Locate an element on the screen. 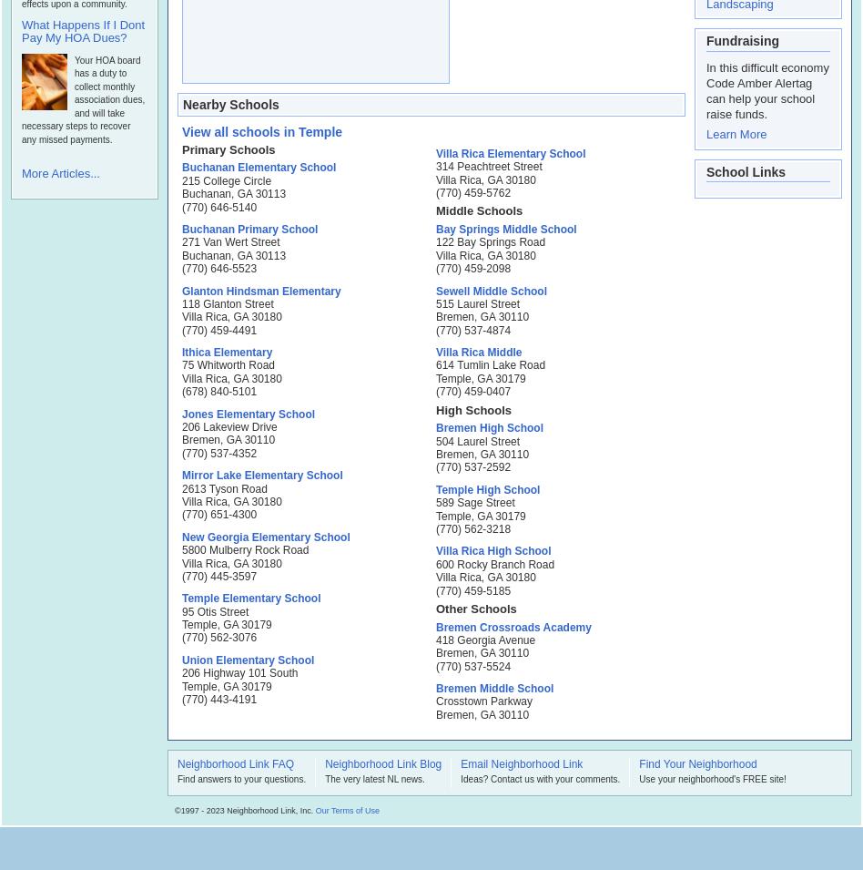 The height and width of the screenshot is (870, 863). 'Glanton Hindsman Elementary' is located at coordinates (260, 290).